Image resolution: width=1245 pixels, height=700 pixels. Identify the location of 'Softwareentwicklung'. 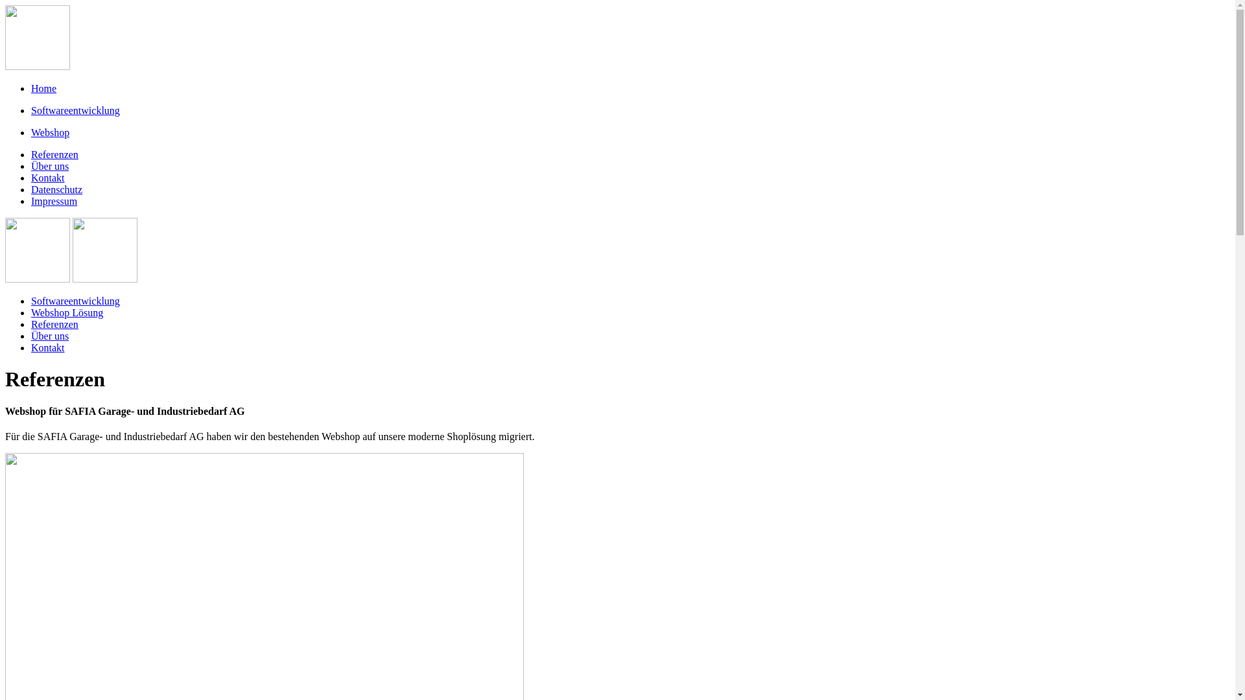
(31, 110).